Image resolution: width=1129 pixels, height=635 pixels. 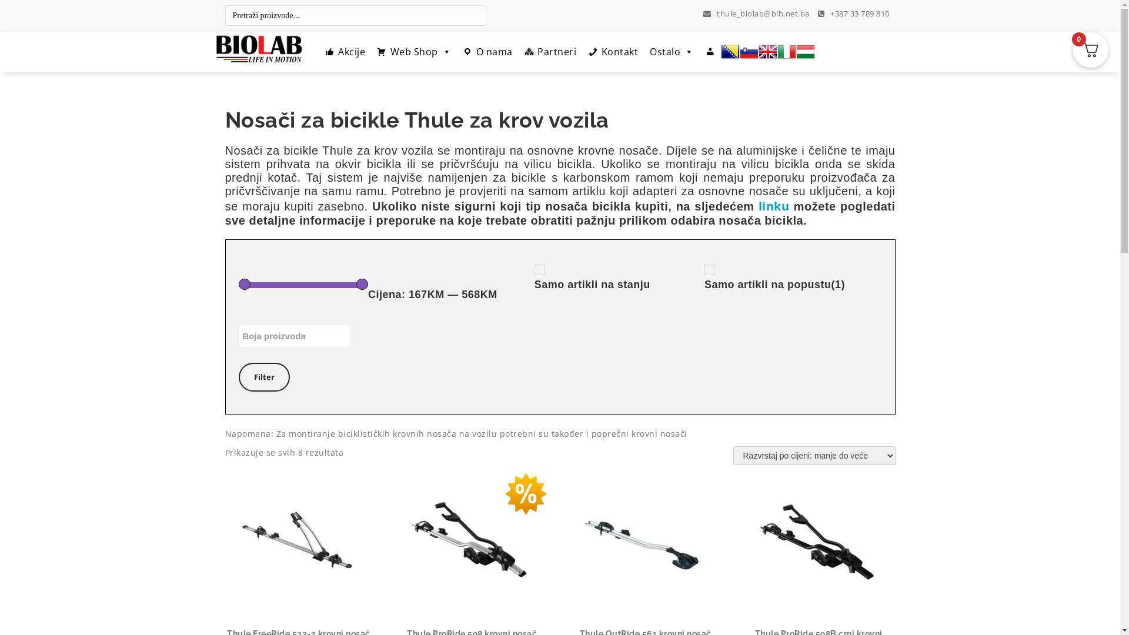 I want to click on 'Italian', so click(x=787, y=51).